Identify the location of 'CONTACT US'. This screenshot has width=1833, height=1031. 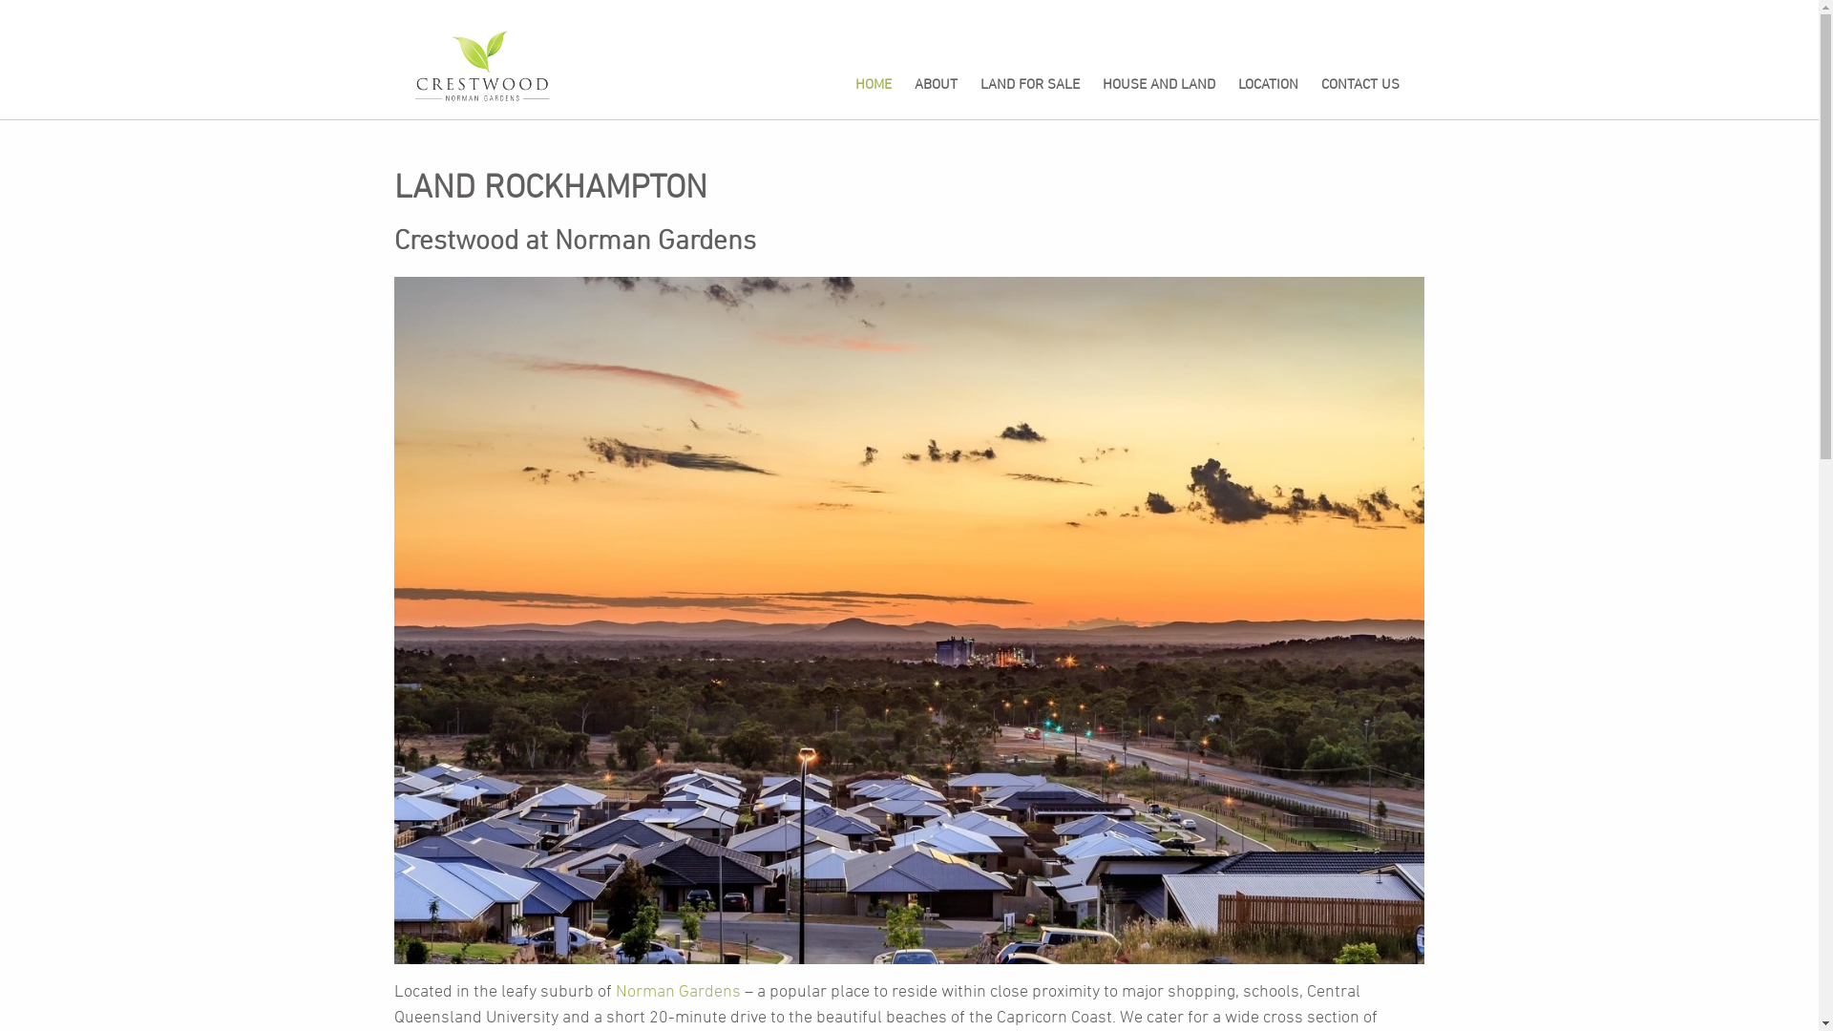
(1359, 84).